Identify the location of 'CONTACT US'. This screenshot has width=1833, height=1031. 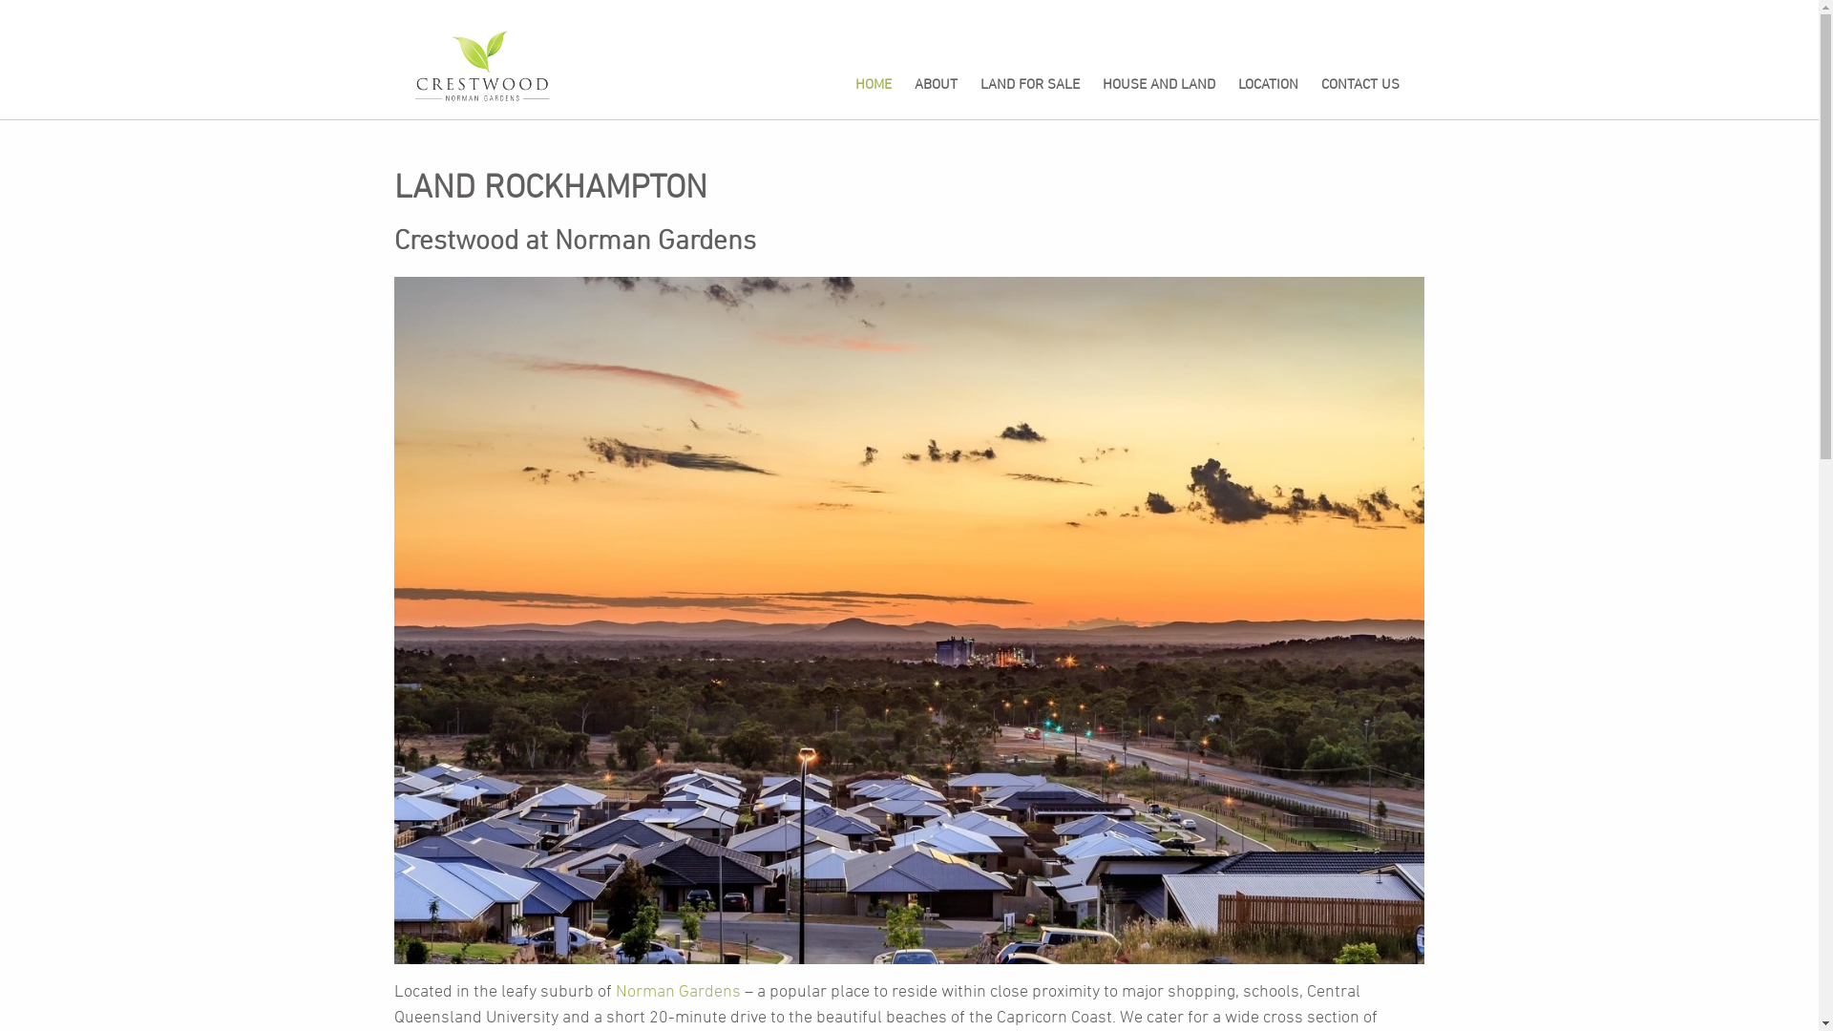
(1359, 84).